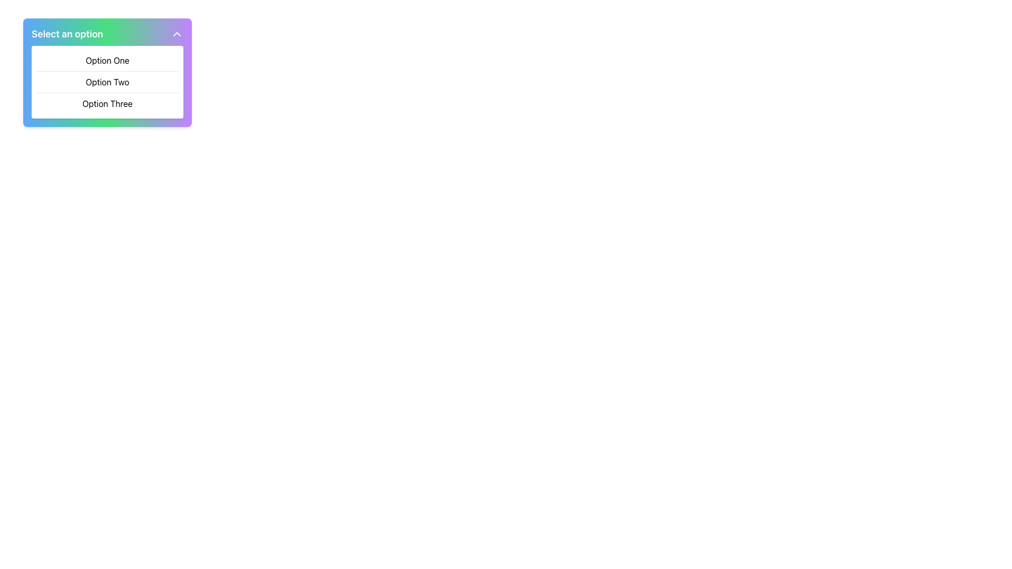 This screenshot has height=569, width=1012. Describe the element at coordinates (107, 72) in the screenshot. I see `the dropdown menu labeled 'Select an option'` at that location.